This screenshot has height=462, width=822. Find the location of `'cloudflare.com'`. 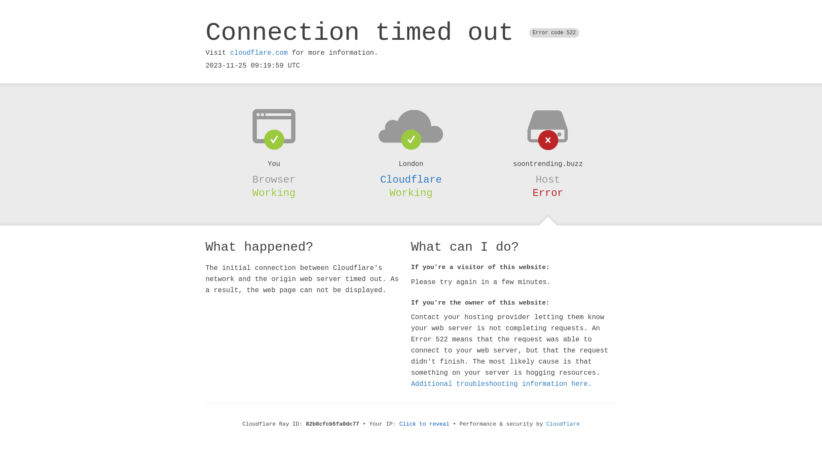

'cloudflare.com' is located at coordinates (230, 53).